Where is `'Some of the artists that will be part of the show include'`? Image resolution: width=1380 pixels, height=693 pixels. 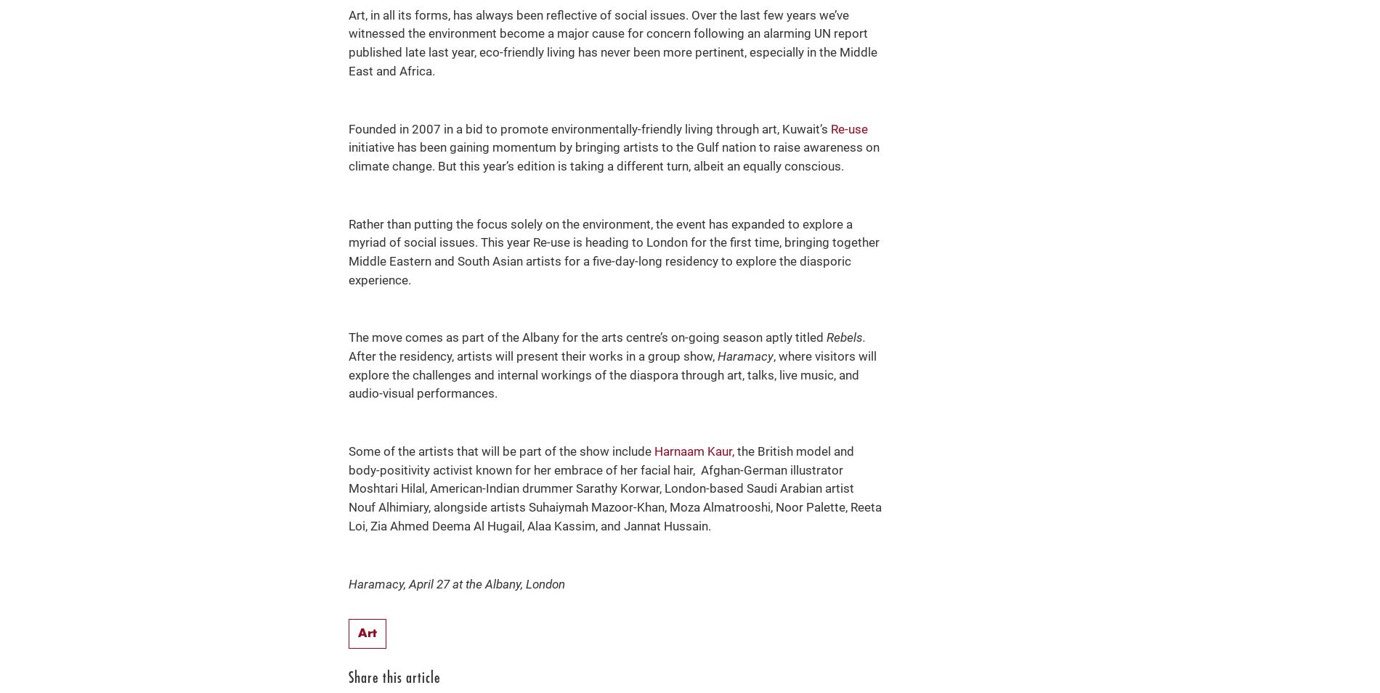 'Some of the artists that will be part of the show include' is located at coordinates (348, 451).